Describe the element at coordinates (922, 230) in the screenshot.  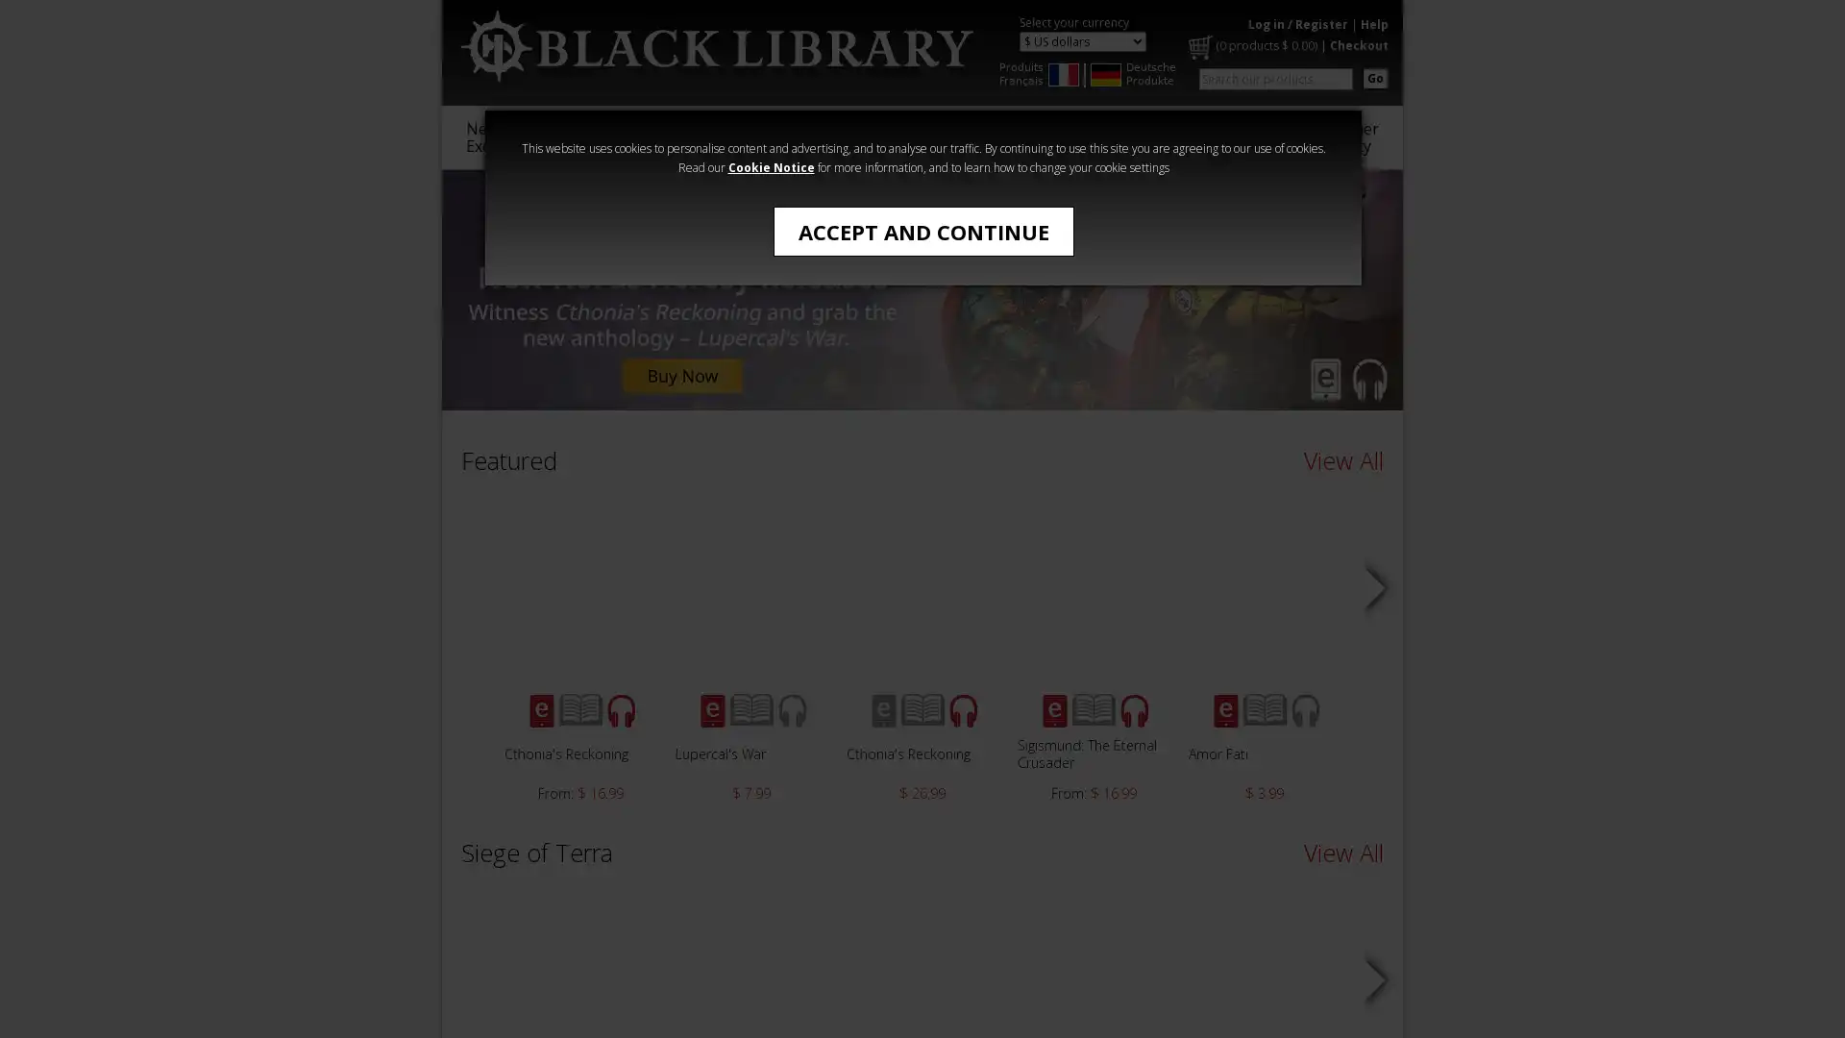
I see `ACCEPT AND CONTINUE` at that location.